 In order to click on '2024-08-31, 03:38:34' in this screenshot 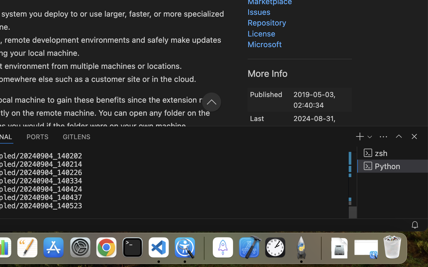, I will do `click(314, 120)`.